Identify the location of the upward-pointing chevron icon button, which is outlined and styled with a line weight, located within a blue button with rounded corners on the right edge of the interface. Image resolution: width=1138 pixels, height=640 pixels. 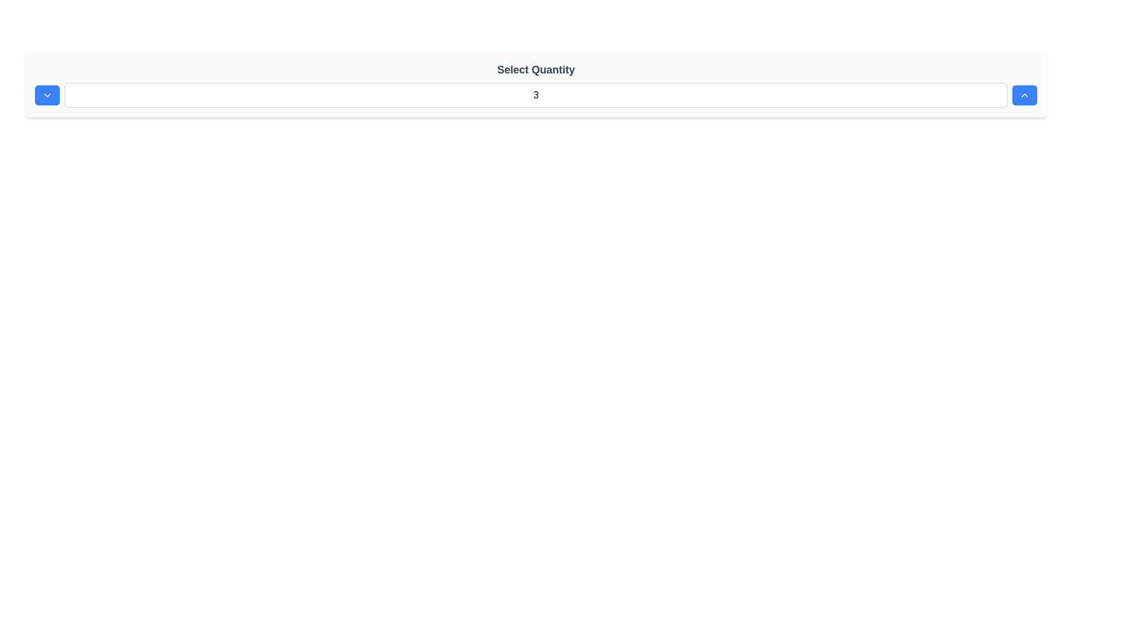
(1024, 95).